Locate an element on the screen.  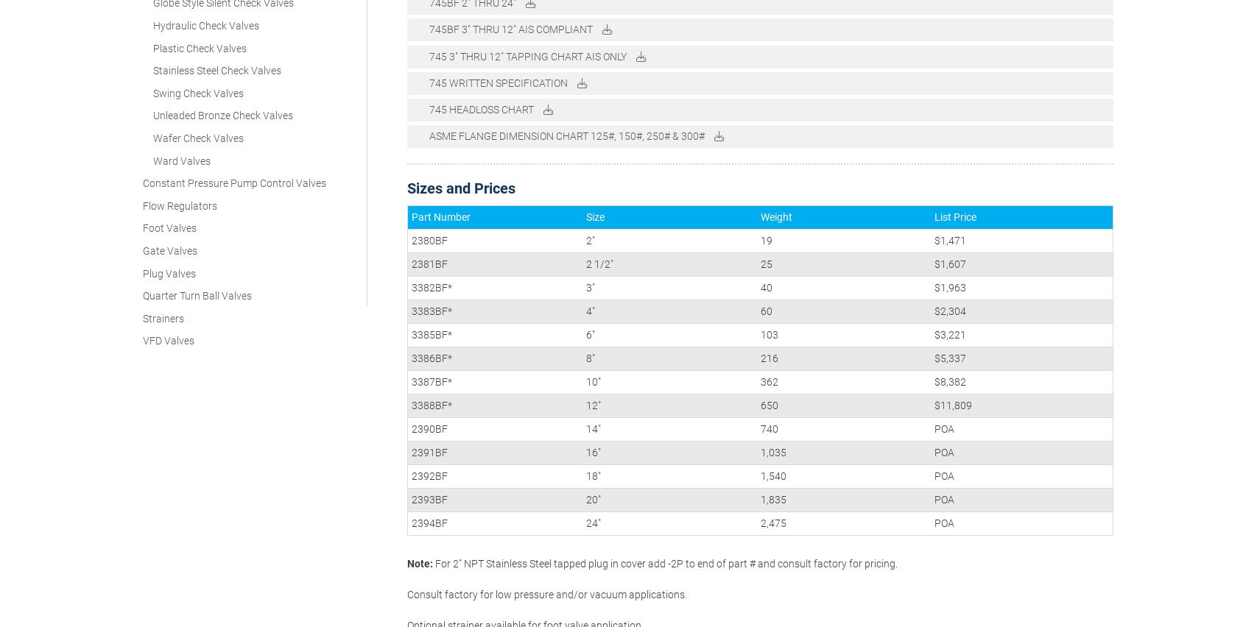
'Corporate Social Responsibility' is located at coordinates (700, 516).